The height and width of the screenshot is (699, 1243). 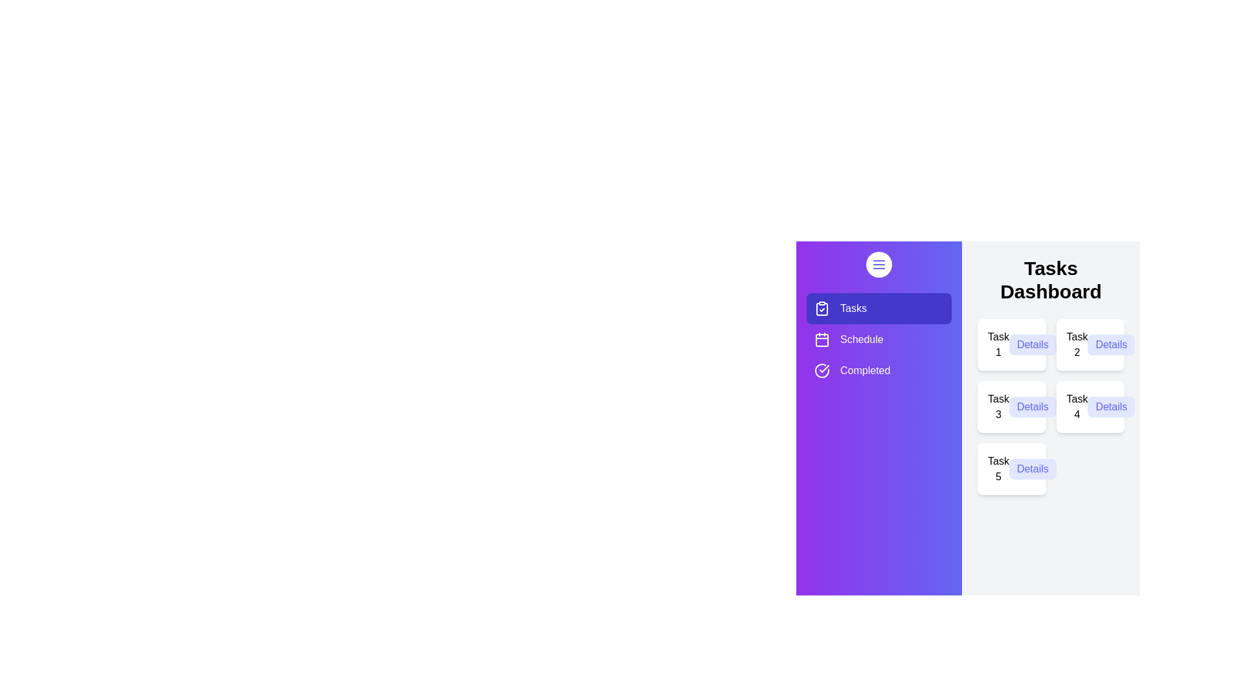 What do you see at coordinates (1110, 406) in the screenshot?
I see `the 'Details' button of Task 4` at bounding box center [1110, 406].